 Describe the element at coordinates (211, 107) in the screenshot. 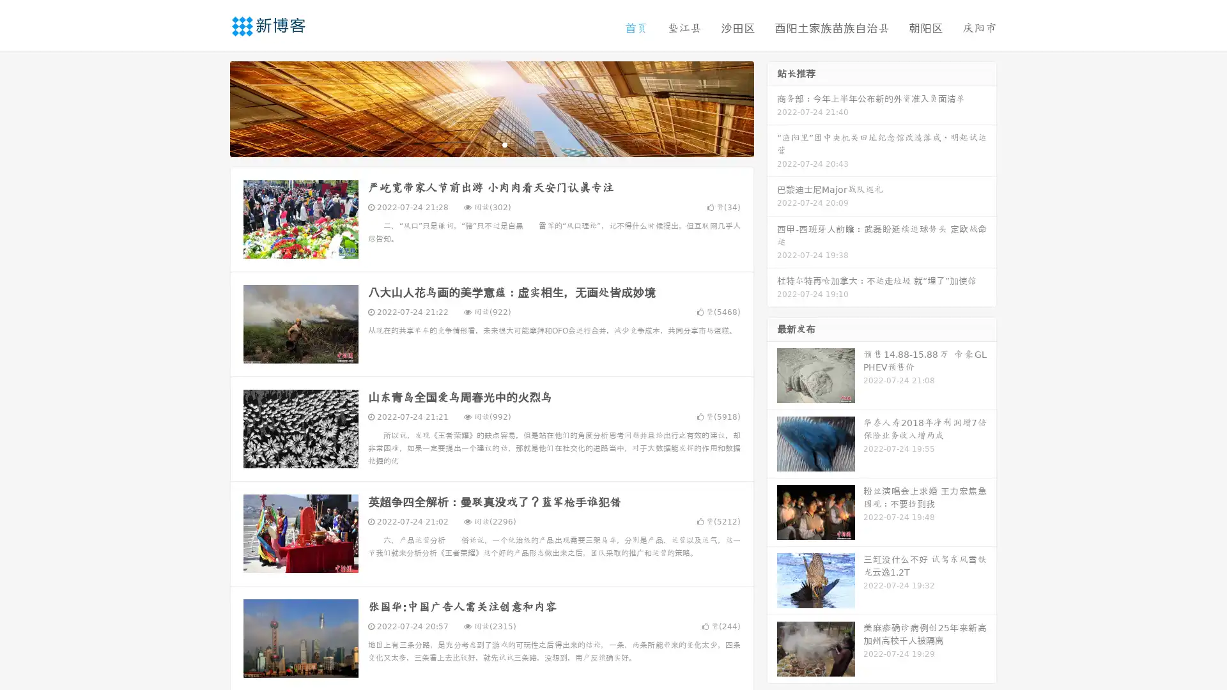

I see `Previous slide` at that location.